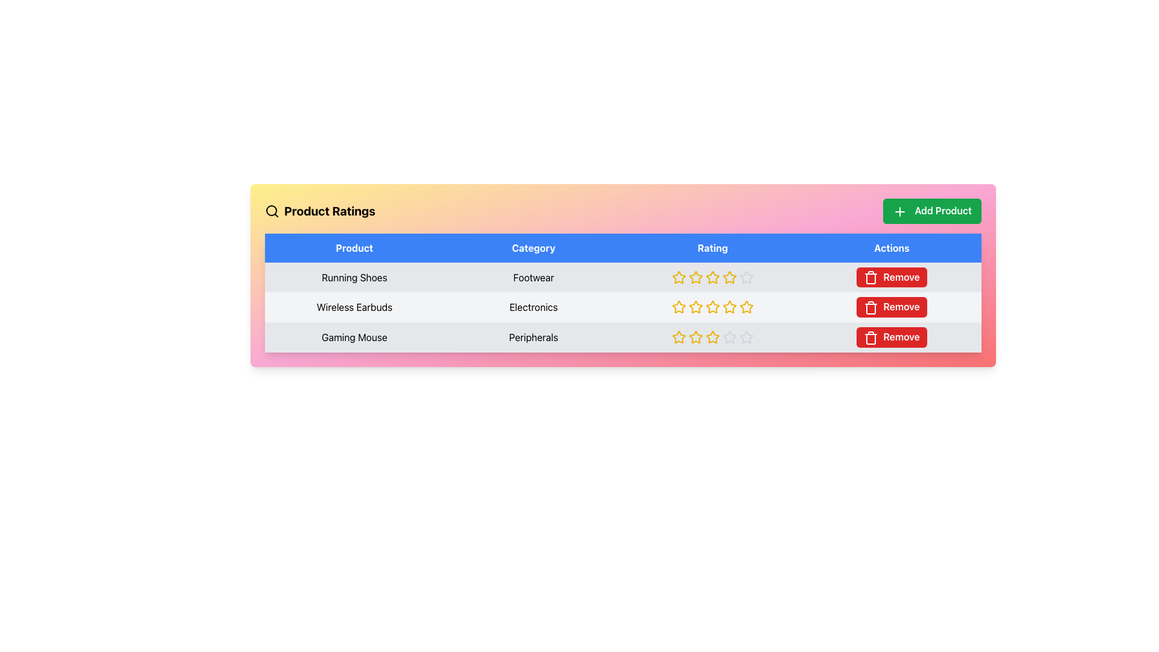  Describe the element at coordinates (354, 277) in the screenshot. I see `text label 'Running Shoes' located in the first row under the 'Product' column of the table` at that location.